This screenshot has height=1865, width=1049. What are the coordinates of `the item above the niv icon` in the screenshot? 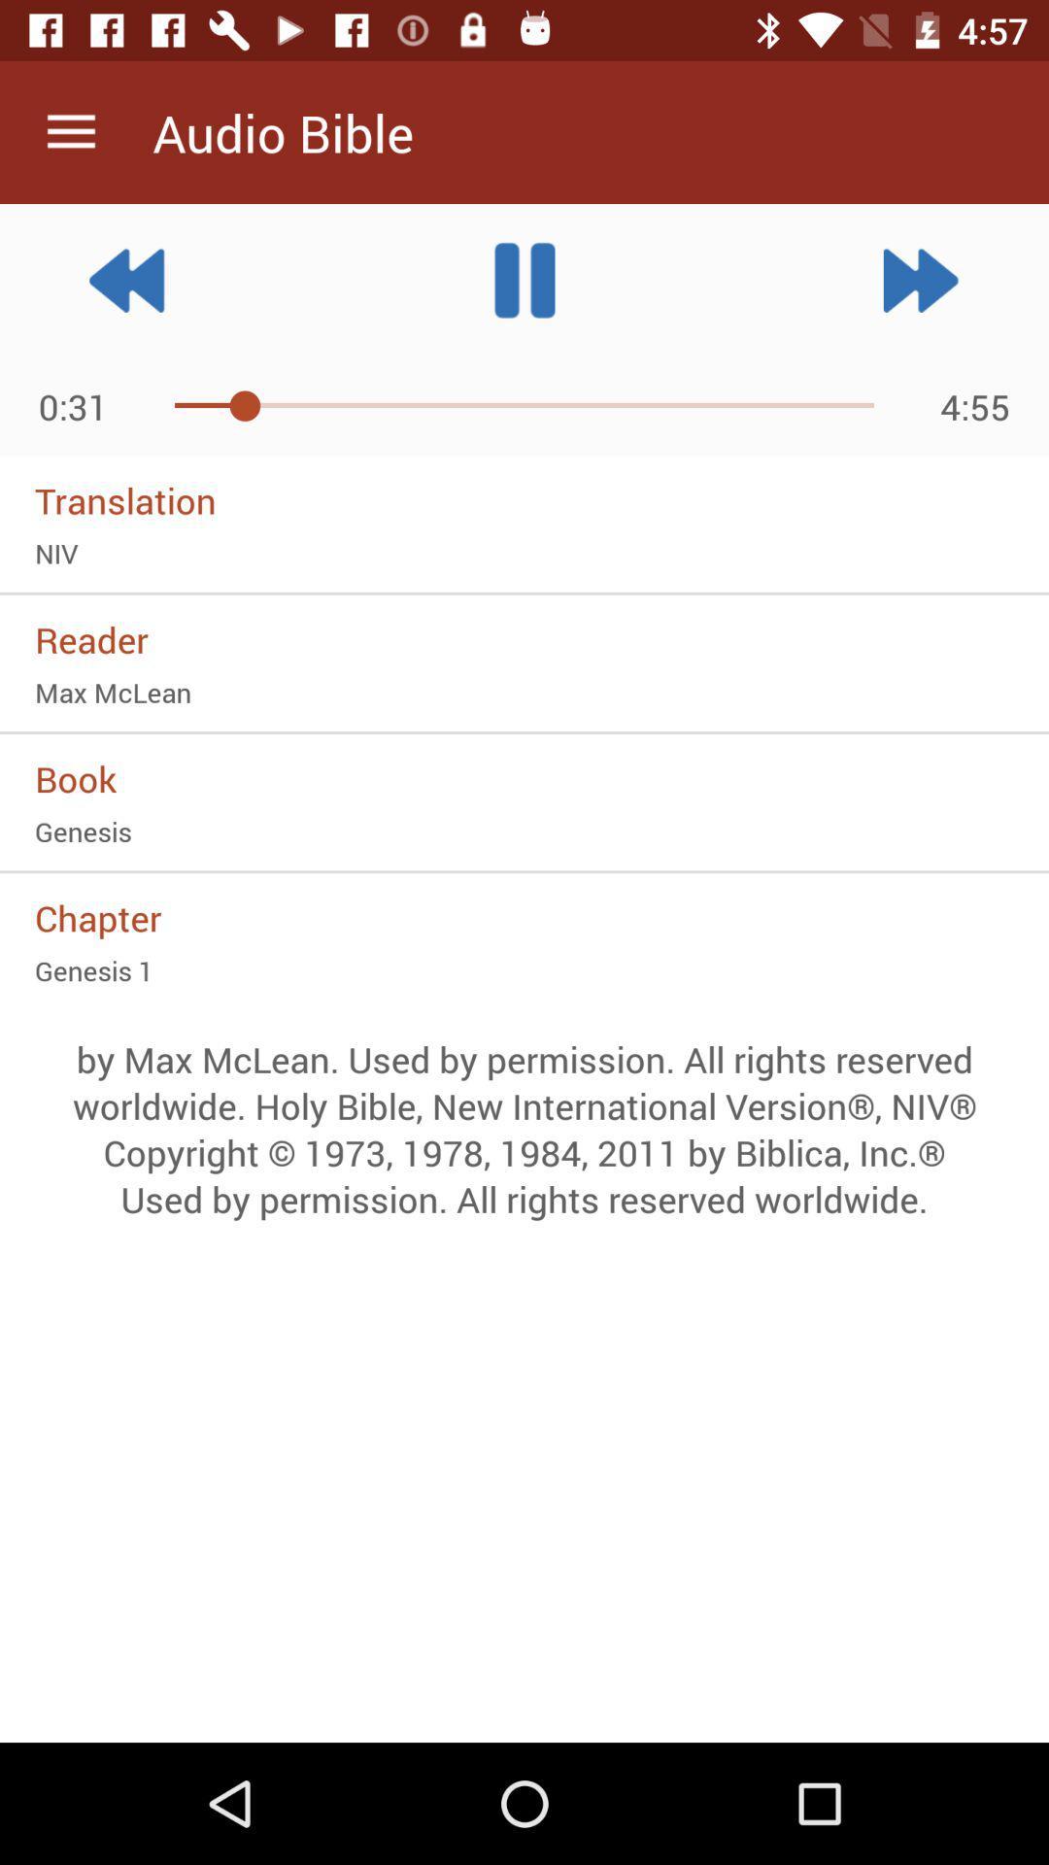 It's located at (524, 500).